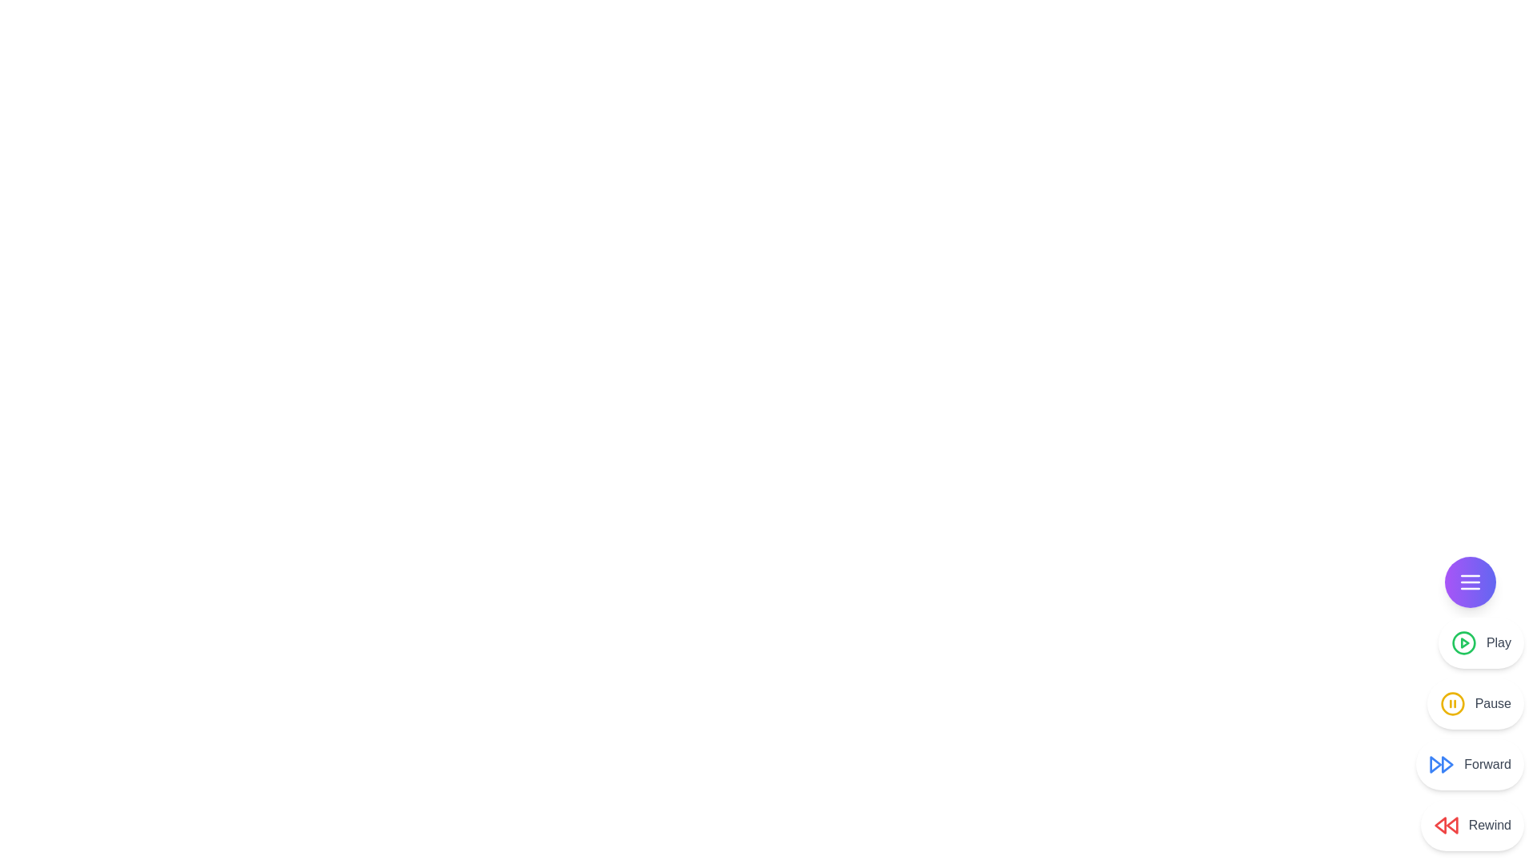  Describe the element at coordinates (1470, 764) in the screenshot. I see `the Forward button to skip ahead` at that location.